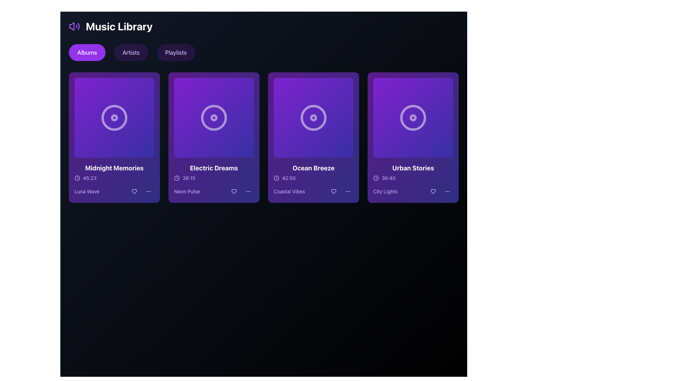 The image size is (678, 381). I want to click on the circular decorative element located in the center of the first card labeled 'Midnight Memories' in the music album list, so click(114, 117).